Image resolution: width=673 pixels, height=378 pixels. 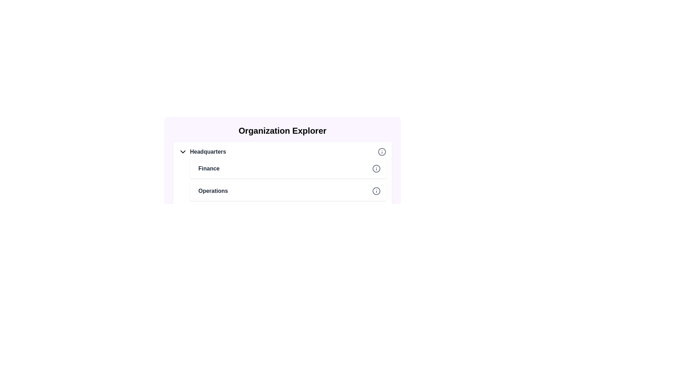 I want to click on the text label 'Headquarters' in the Organization Explorer, so click(x=202, y=152).